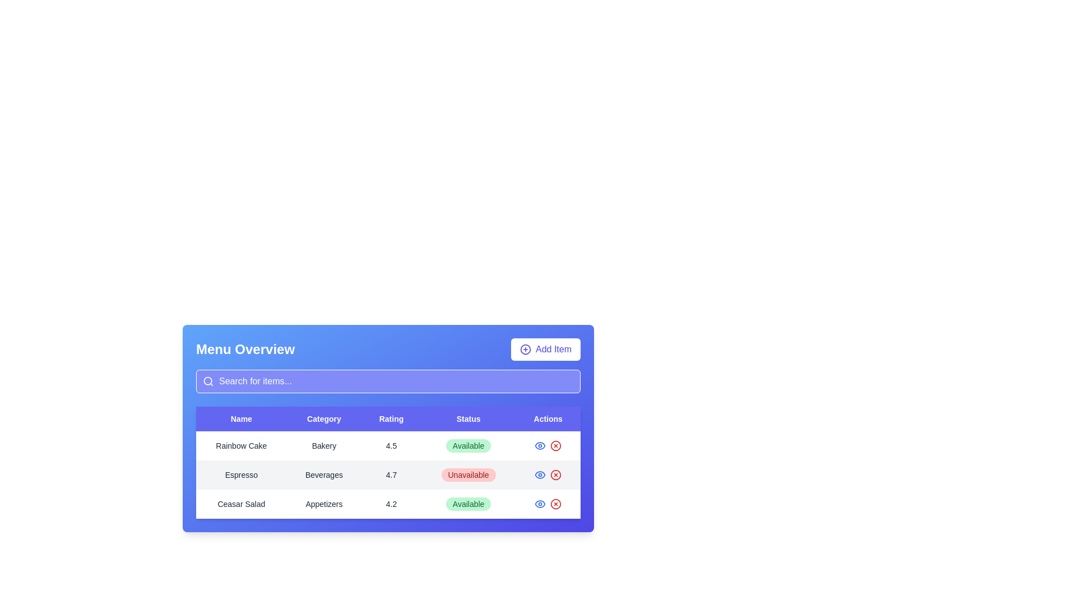 The height and width of the screenshot is (605, 1076). Describe the element at coordinates (323, 445) in the screenshot. I see `the textual label displaying 'Bakery' which is located in the second column of the first row of the table, between 'Rainbow Cake' and '4.5'` at that location.